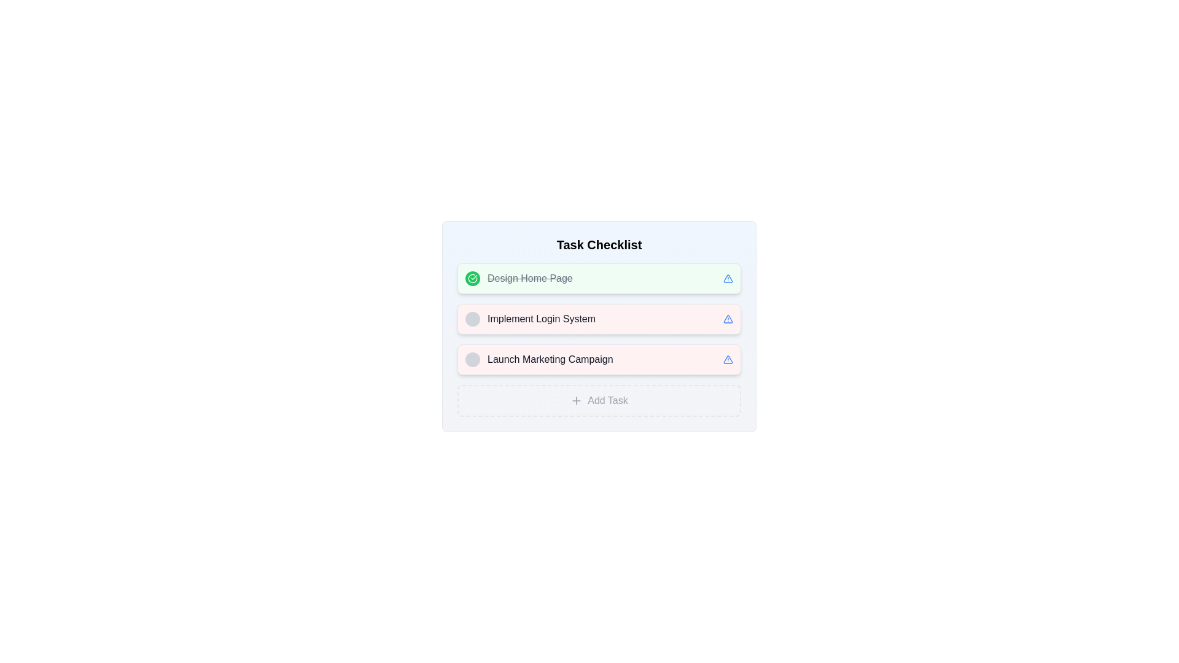  What do you see at coordinates (728, 279) in the screenshot?
I see `the icon or button located in the top-right corner of the 'Design Home Page' task in the checklist UI` at bounding box center [728, 279].